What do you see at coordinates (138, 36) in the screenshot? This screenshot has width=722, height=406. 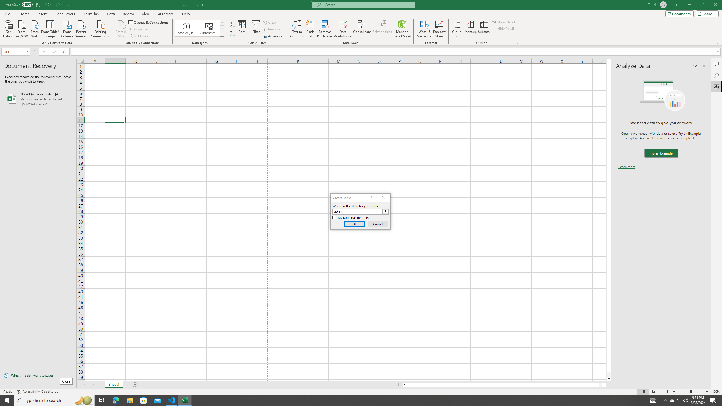 I see `'Edit Links'` at bounding box center [138, 36].